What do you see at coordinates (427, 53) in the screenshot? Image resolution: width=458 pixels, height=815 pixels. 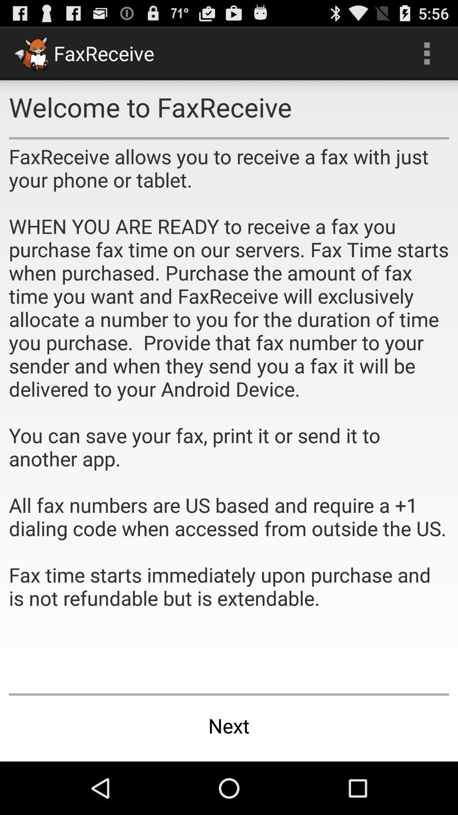 I see `the item next to the faxreceive` at bounding box center [427, 53].